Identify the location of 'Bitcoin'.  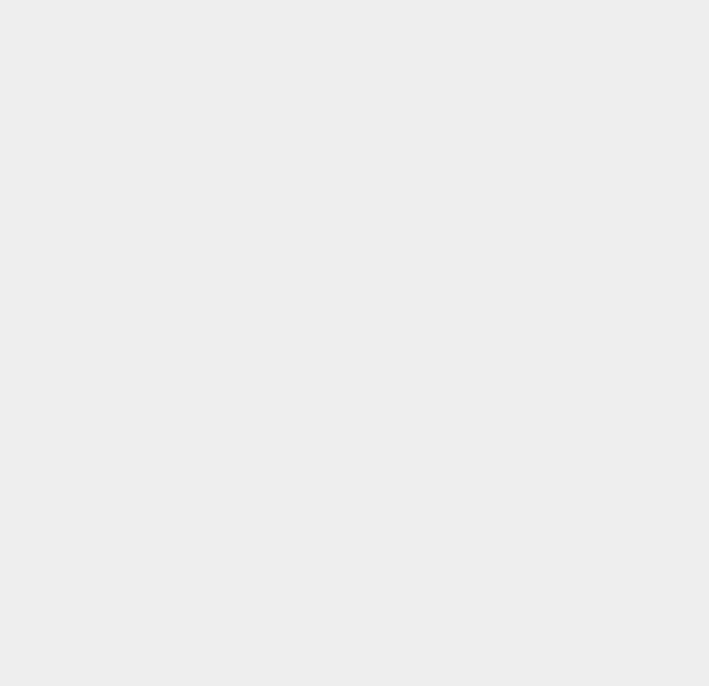
(515, 447).